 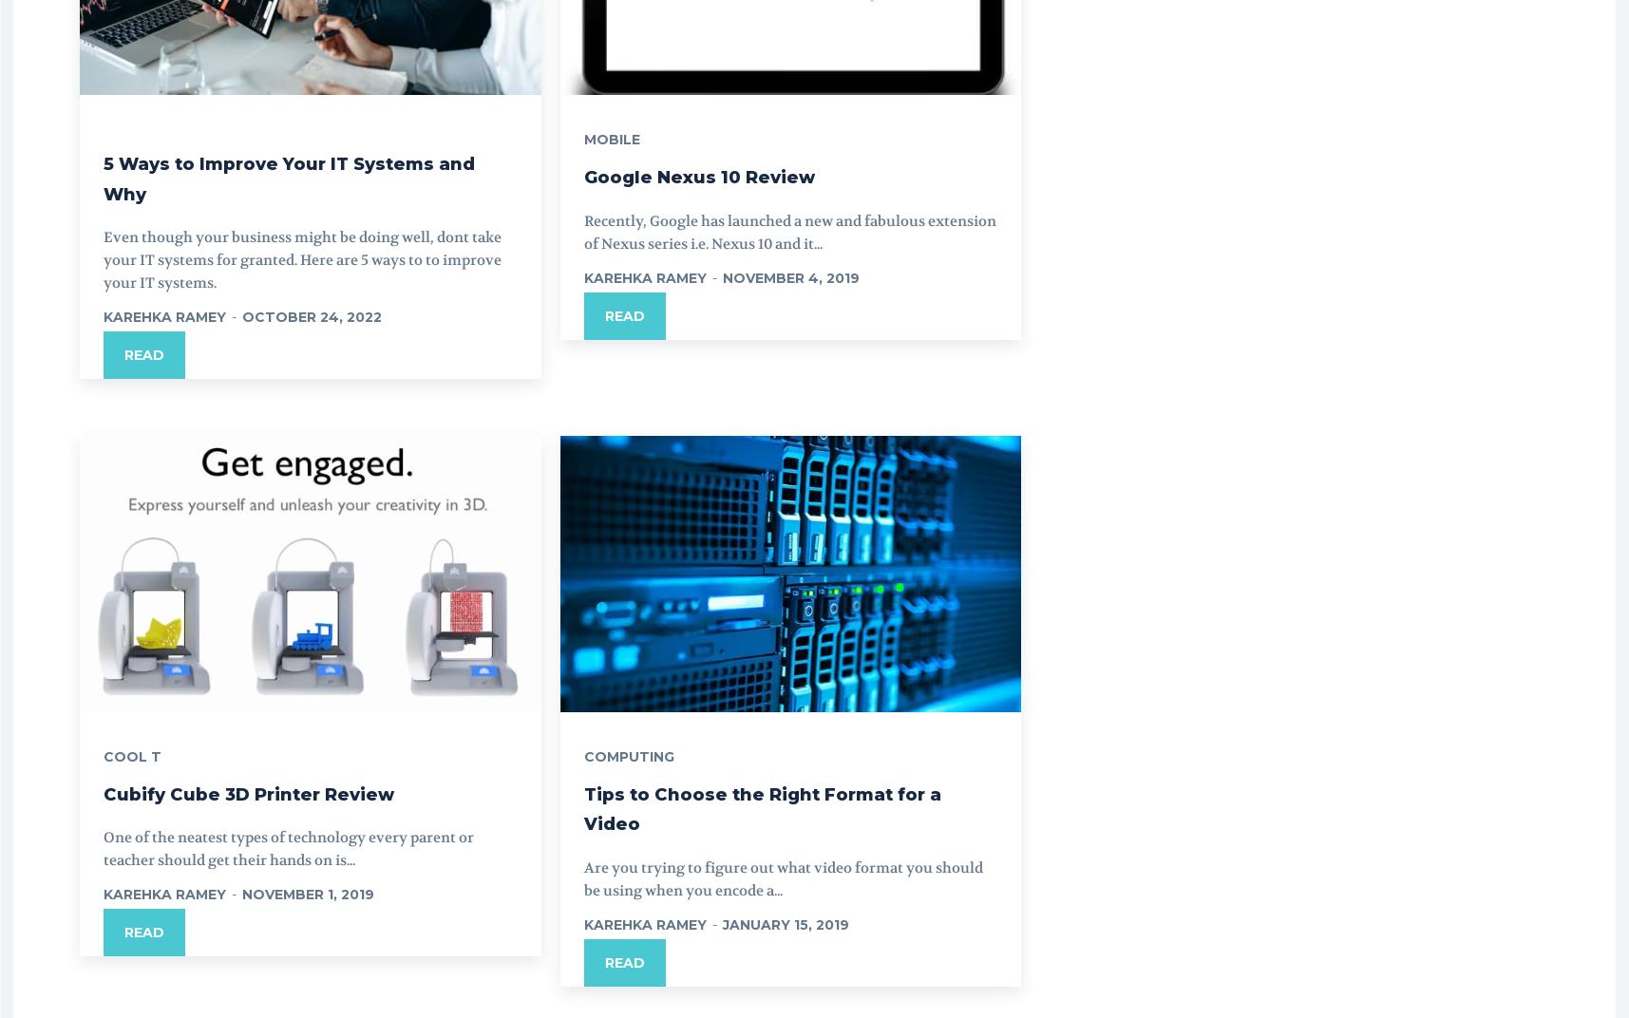 What do you see at coordinates (288, 849) in the screenshot?
I see `'One of the neatest types of technology every parent or teacher should get their hands on is...'` at bounding box center [288, 849].